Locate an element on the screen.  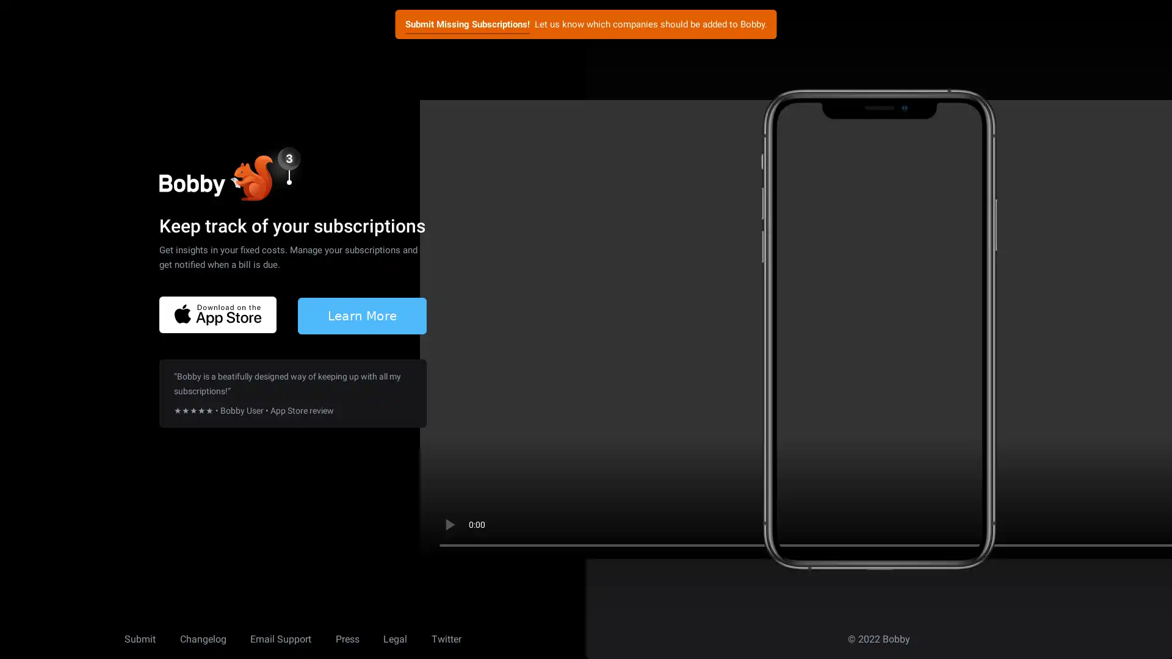
Learn More is located at coordinates (361, 314).